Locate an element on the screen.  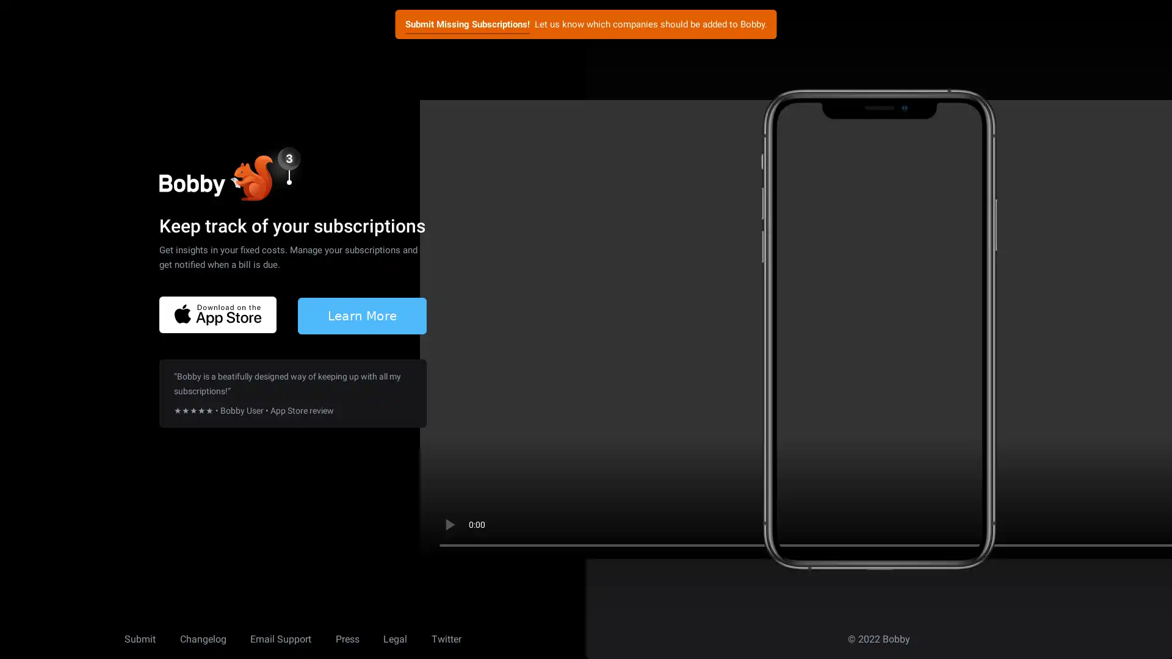
Learn More is located at coordinates (361, 314).